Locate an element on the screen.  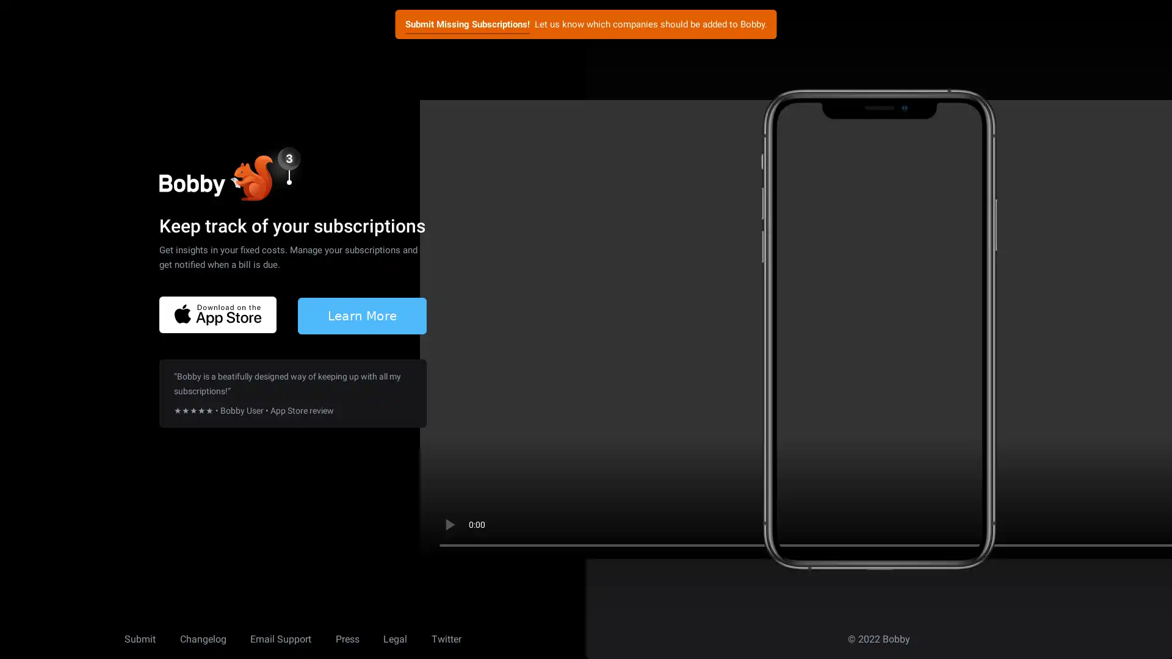
Learn More is located at coordinates (361, 314).